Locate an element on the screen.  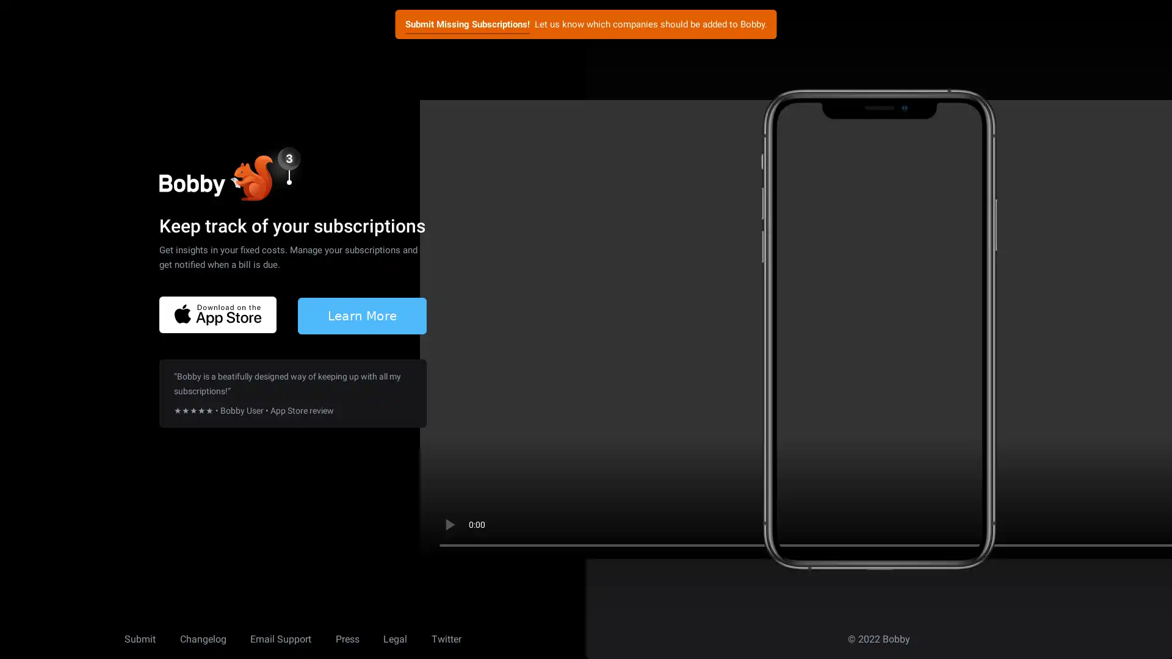
Learn More is located at coordinates (361, 314).